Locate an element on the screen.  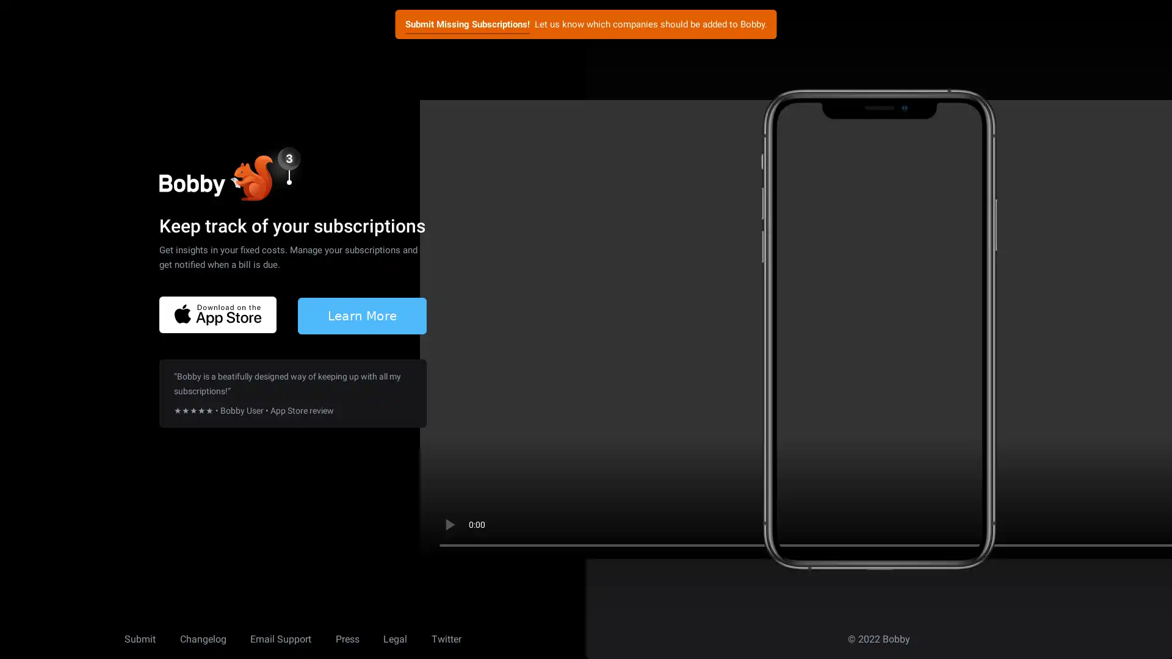
Learn More is located at coordinates (361, 314).